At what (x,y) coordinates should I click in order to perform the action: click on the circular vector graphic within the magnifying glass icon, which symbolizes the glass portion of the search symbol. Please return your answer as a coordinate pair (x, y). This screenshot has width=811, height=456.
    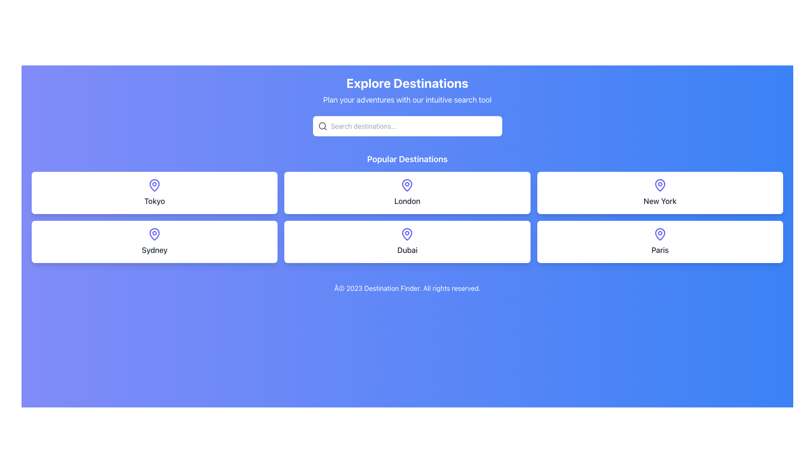
    Looking at the image, I should click on (321, 126).